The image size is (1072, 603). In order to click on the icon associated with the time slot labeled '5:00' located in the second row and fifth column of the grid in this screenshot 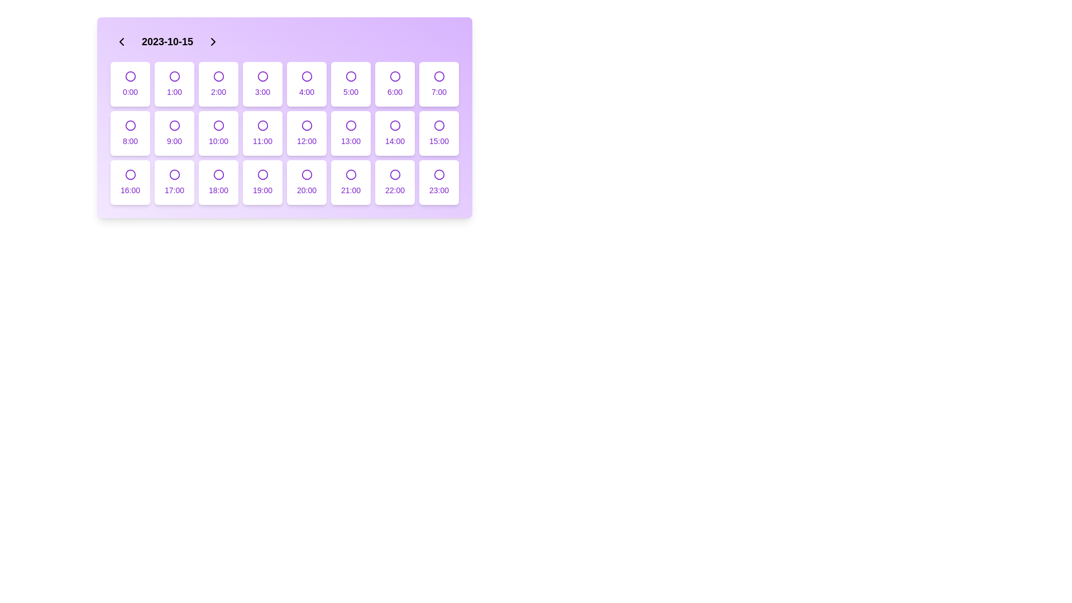, I will do `click(350, 76)`.